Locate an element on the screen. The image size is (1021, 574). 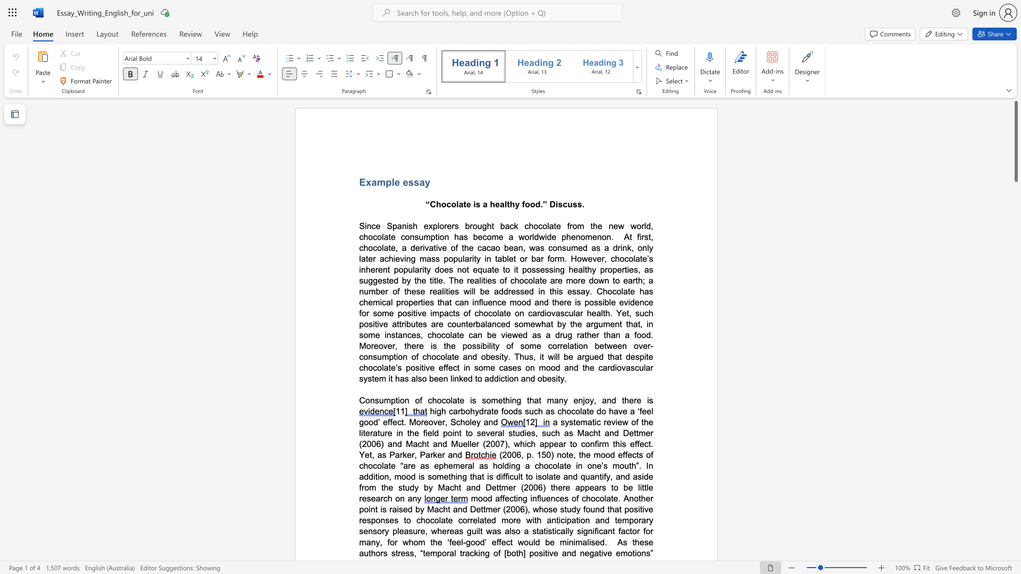
the scrollbar to move the page downward is located at coordinates (1015, 387).